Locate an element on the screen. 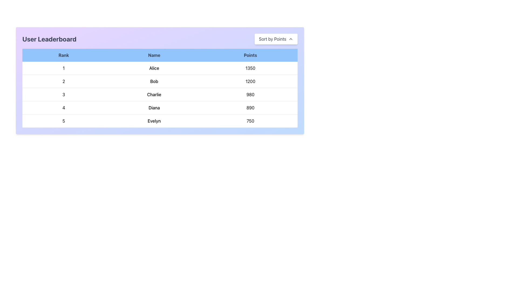 This screenshot has width=518, height=291. the name 'Diana' in the fourth row of the user rankings table, which is styled with a bold font and highlighted on hover is located at coordinates (160, 108).